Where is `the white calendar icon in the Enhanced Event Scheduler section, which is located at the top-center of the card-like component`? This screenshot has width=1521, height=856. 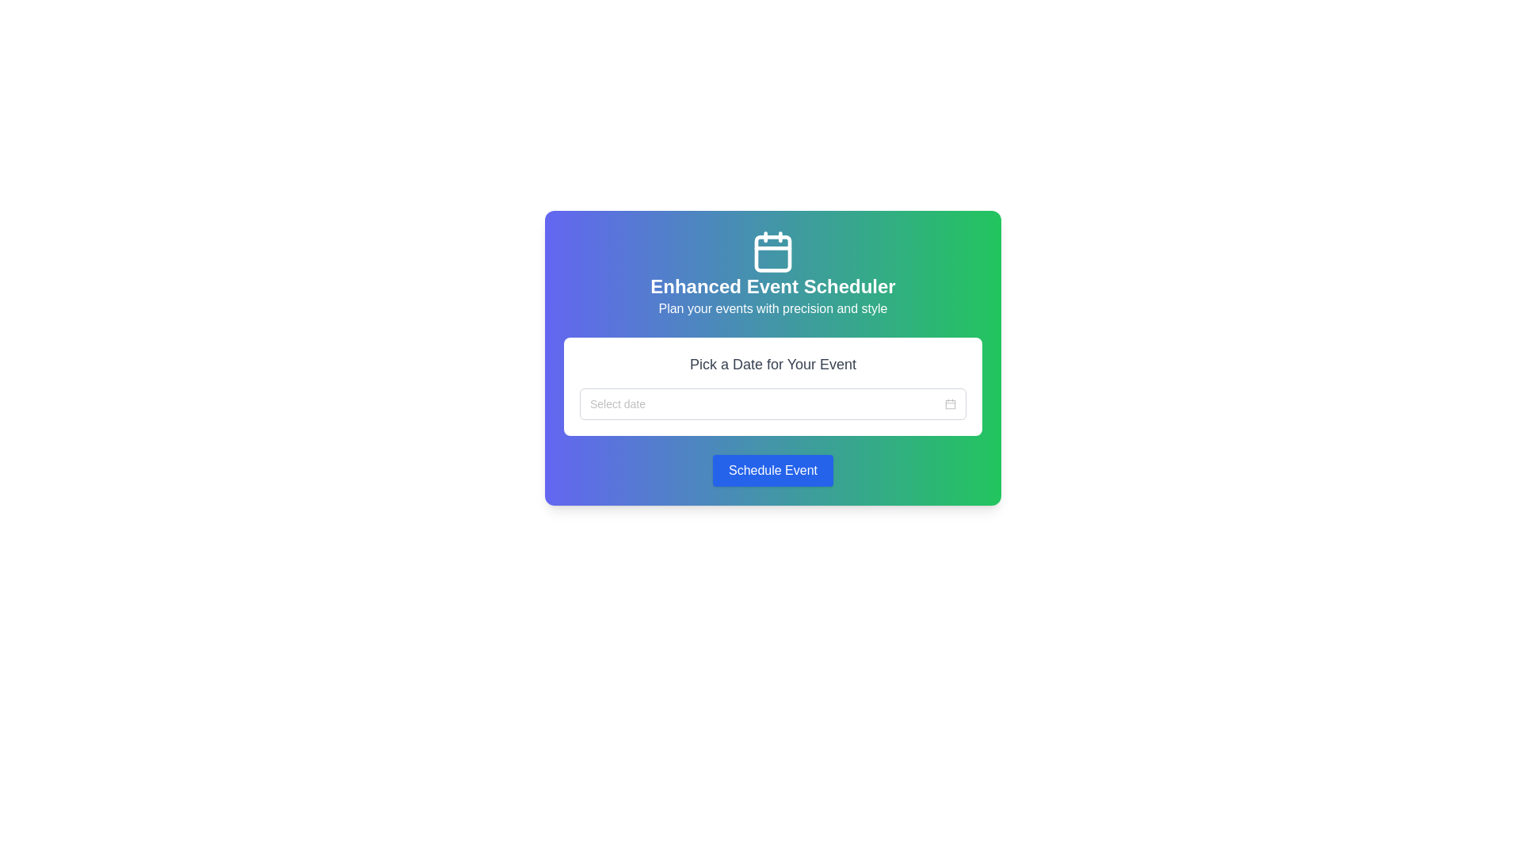
the white calendar icon in the Enhanced Event Scheduler section, which is located at the top-center of the card-like component is located at coordinates (772, 273).